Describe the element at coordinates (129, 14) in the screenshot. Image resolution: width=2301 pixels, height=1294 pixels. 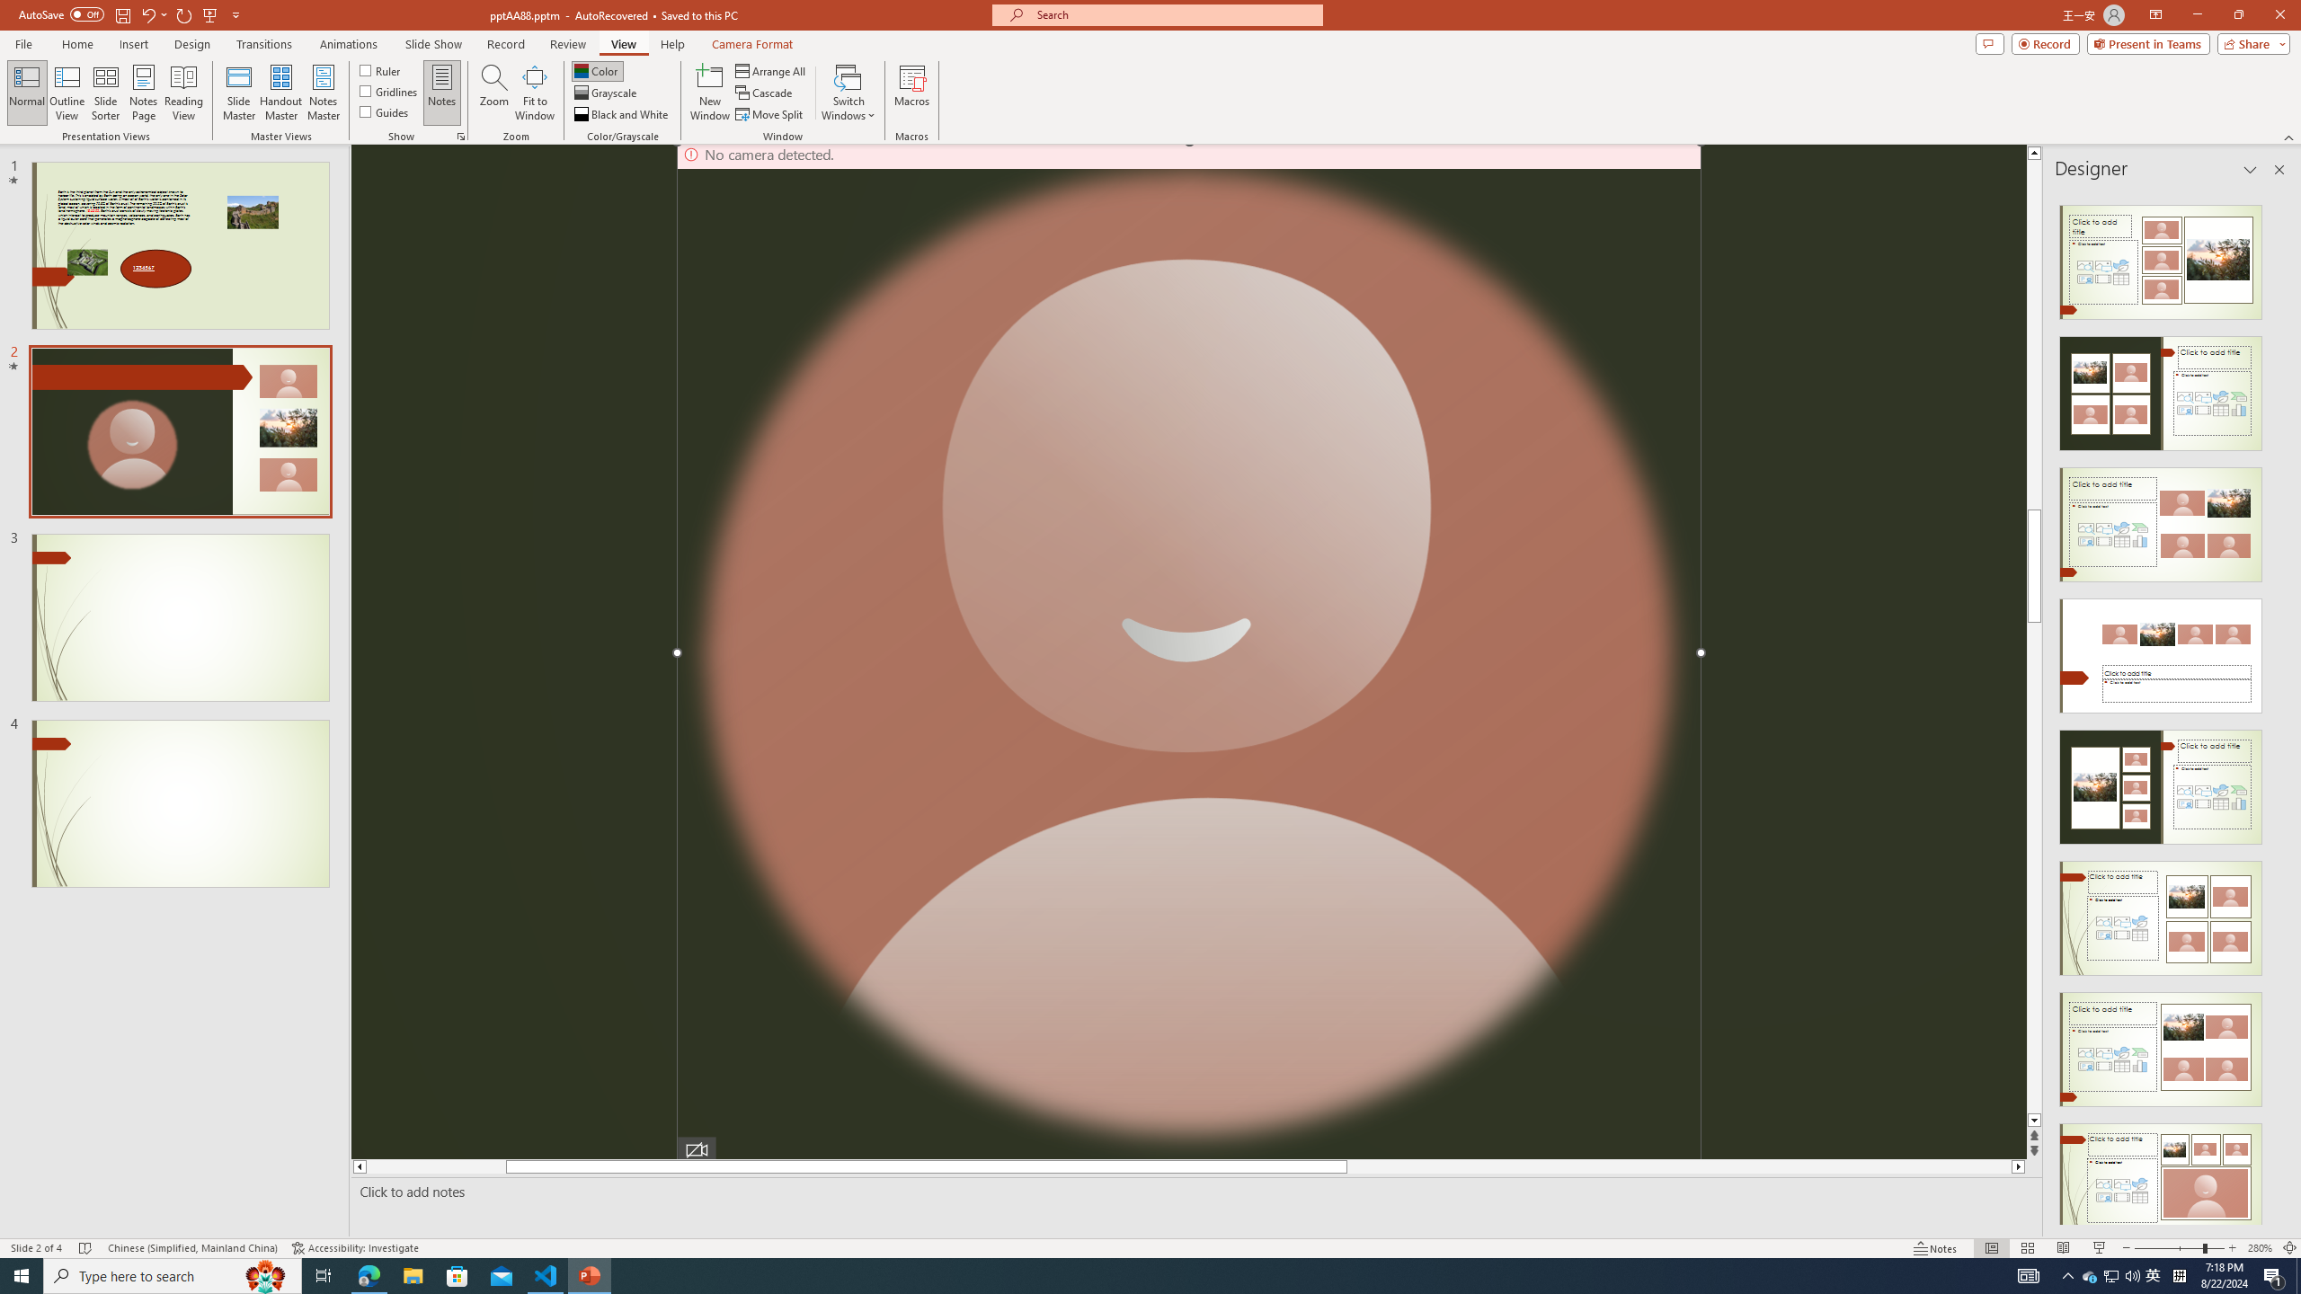
I see `'Quick Access Toolbar'` at that location.